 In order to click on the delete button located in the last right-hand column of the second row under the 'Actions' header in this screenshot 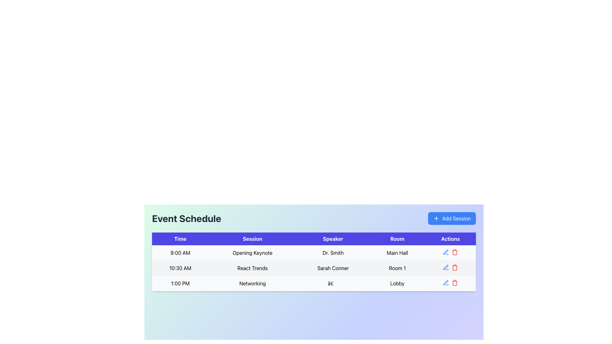, I will do `click(455, 268)`.